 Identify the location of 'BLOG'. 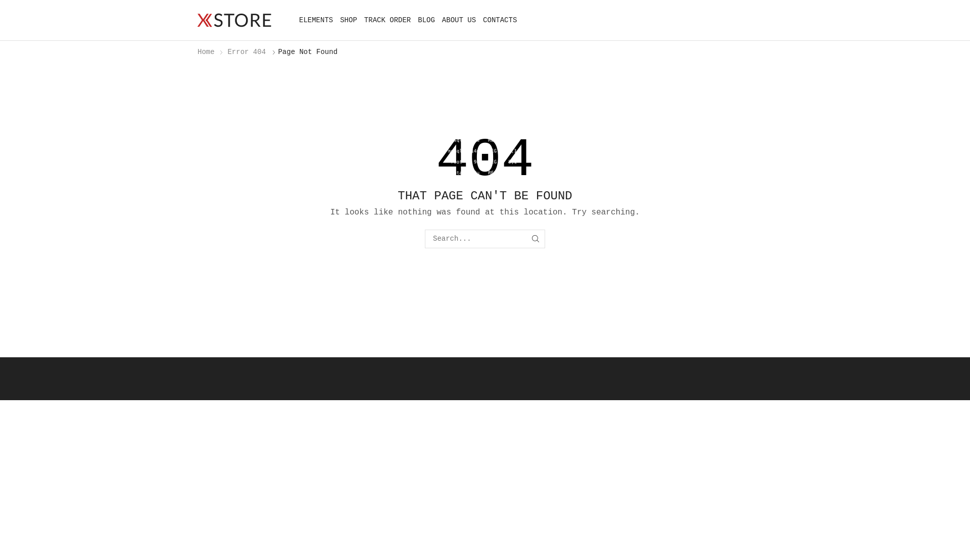
(426, 20).